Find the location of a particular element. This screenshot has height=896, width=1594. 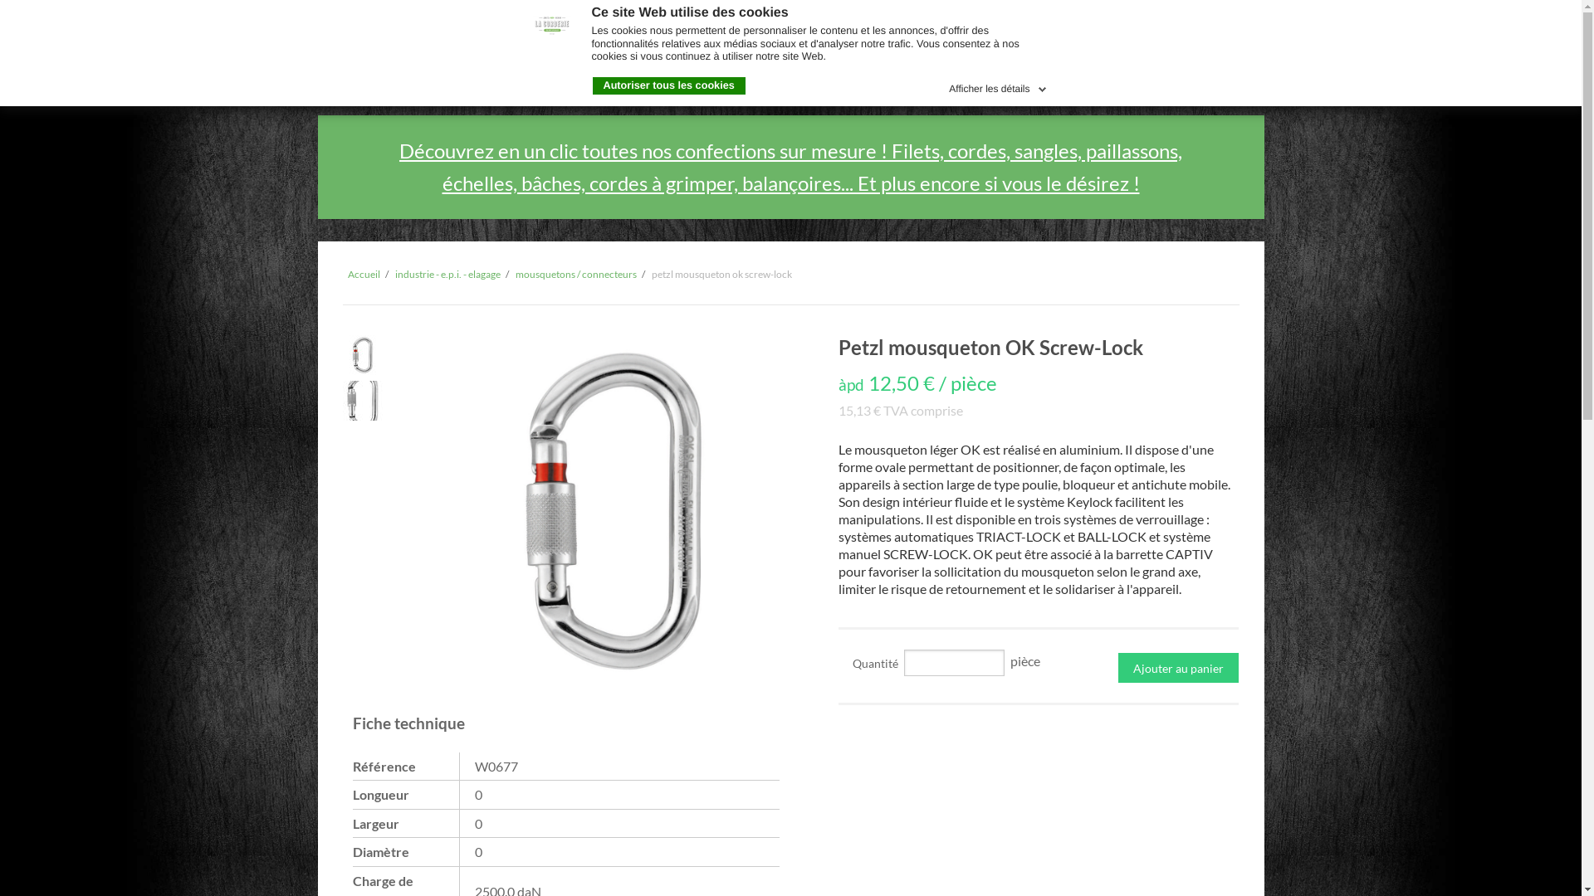

'industrie - e.p.i. - elagage' is located at coordinates (394, 273).